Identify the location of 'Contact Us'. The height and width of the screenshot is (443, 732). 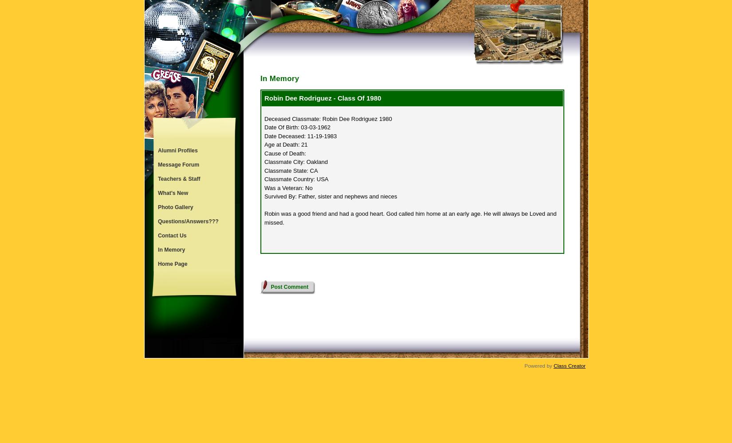
(158, 236).